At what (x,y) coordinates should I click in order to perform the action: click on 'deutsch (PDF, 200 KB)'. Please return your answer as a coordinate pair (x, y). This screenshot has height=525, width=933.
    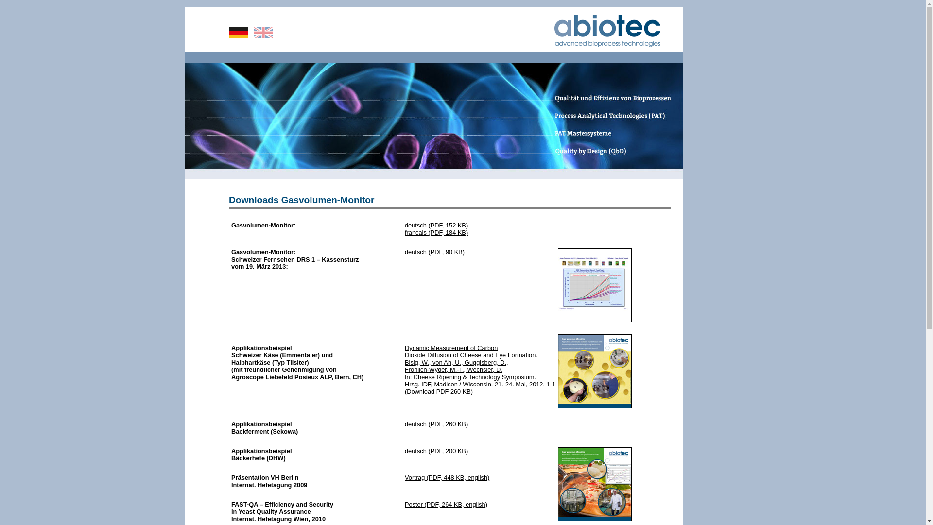
    Looking at the image, I should click on (435, 451).